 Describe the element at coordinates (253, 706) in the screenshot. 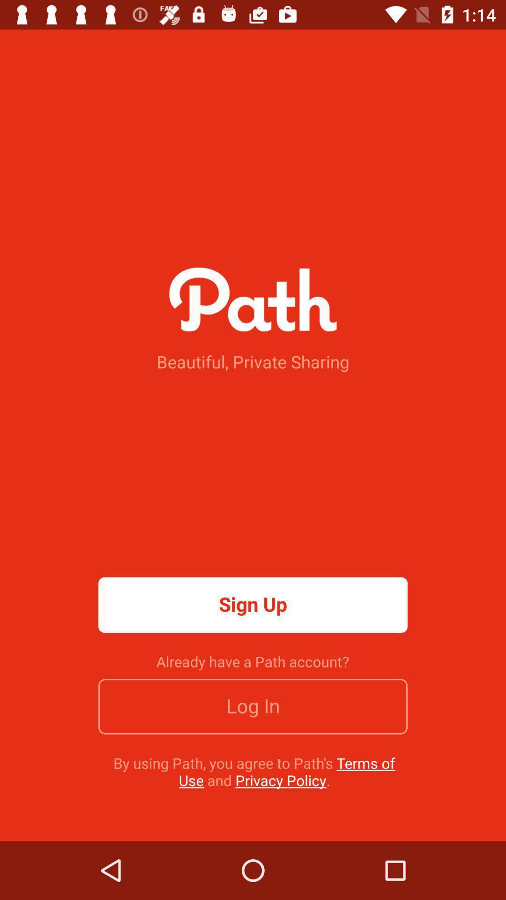

I see `log in item` at that location.